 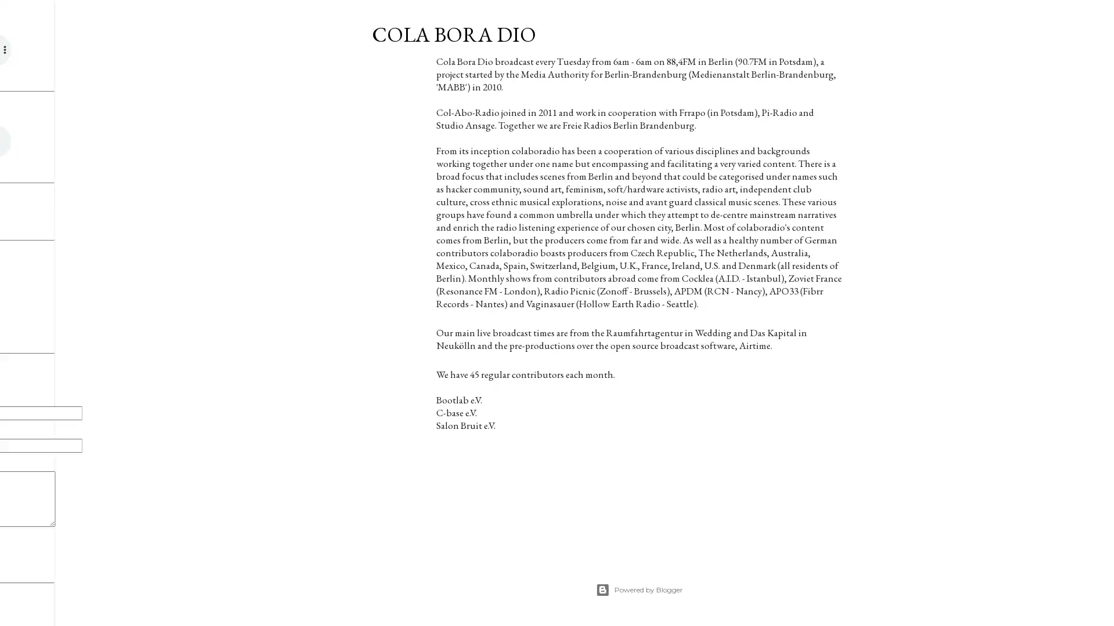 What do you see at coordinates (38, 544) in the screenshot?
I see `Send` at bounding box center [38, 544].